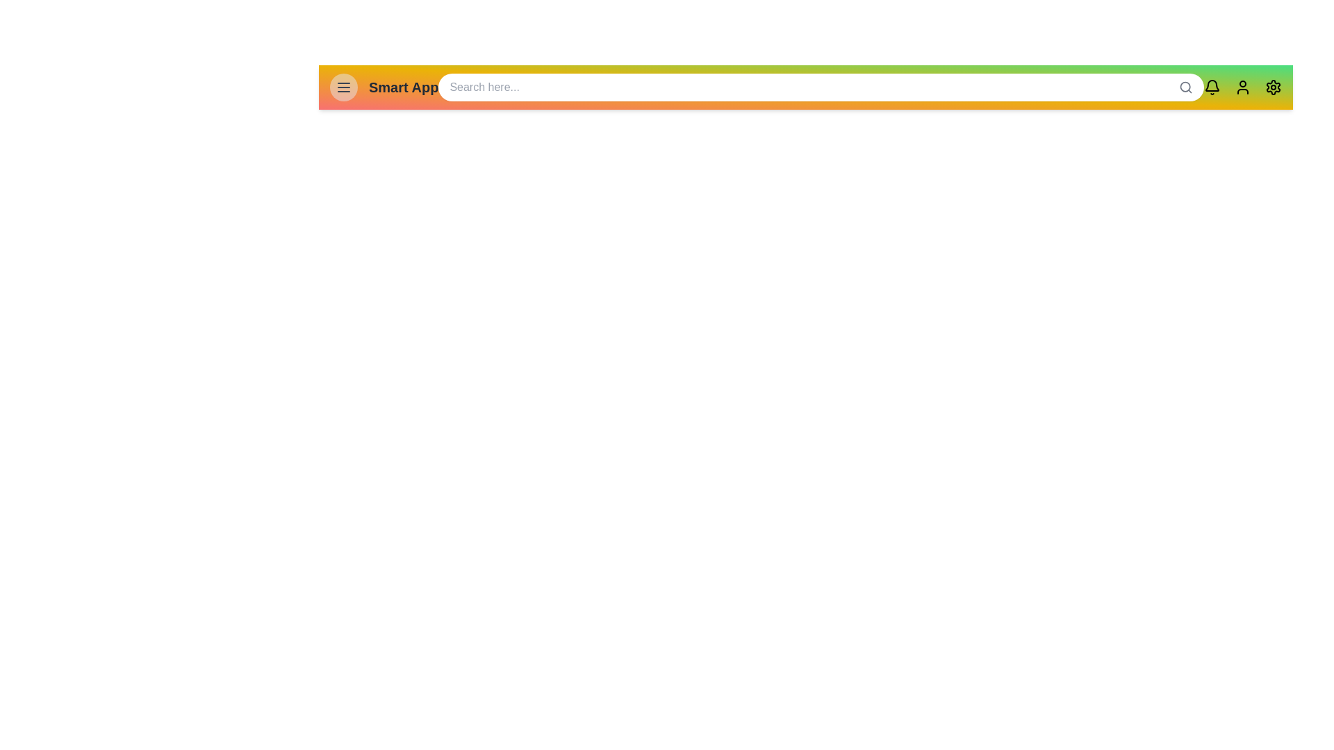 The height and width of the screenshot is (750, 1334). I want to click on the search bar and type 'query', so click(821, 87).